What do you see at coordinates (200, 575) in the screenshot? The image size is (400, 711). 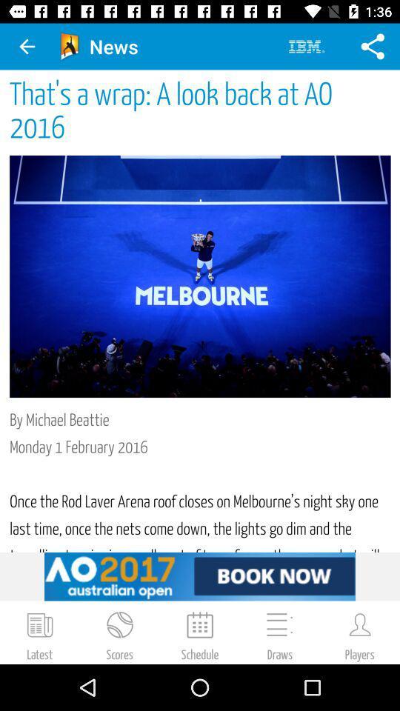 I see `advertisement link` at bounding box center [200, 575].